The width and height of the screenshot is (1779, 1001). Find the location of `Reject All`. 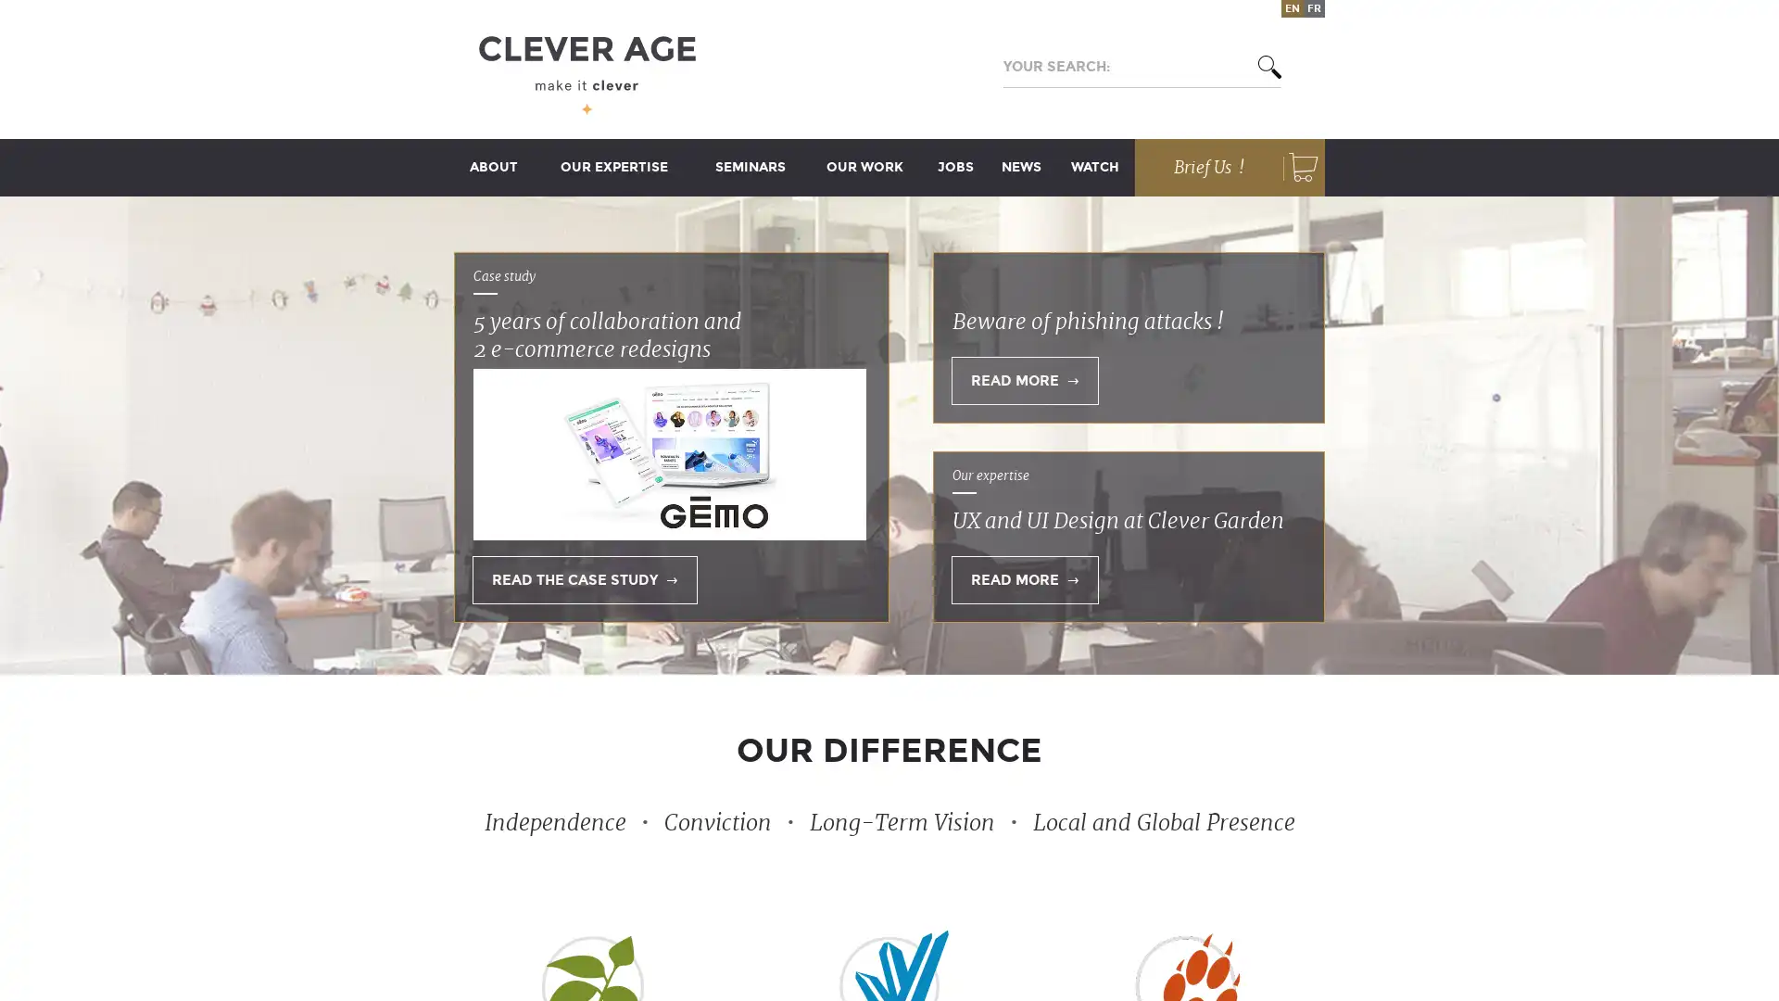

Reject All is located at coordinates (1110, 443).